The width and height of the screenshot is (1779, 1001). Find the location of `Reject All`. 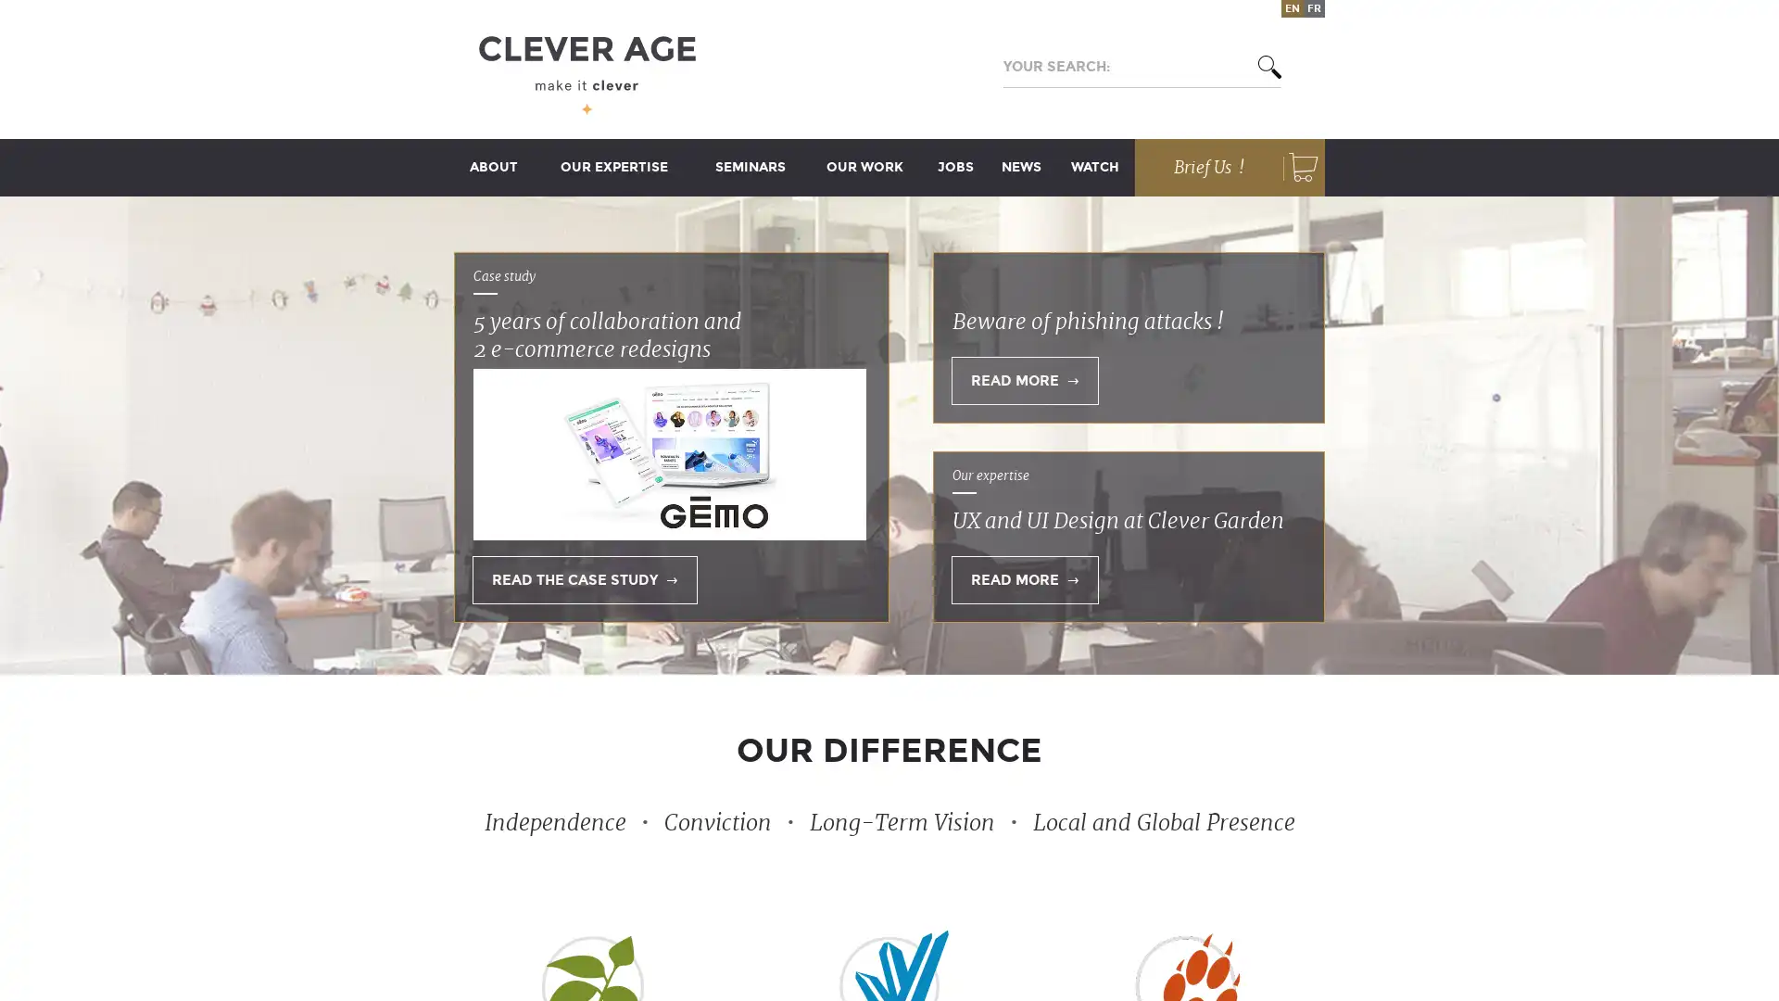

Reject All is located at coordinates (1110, 443).